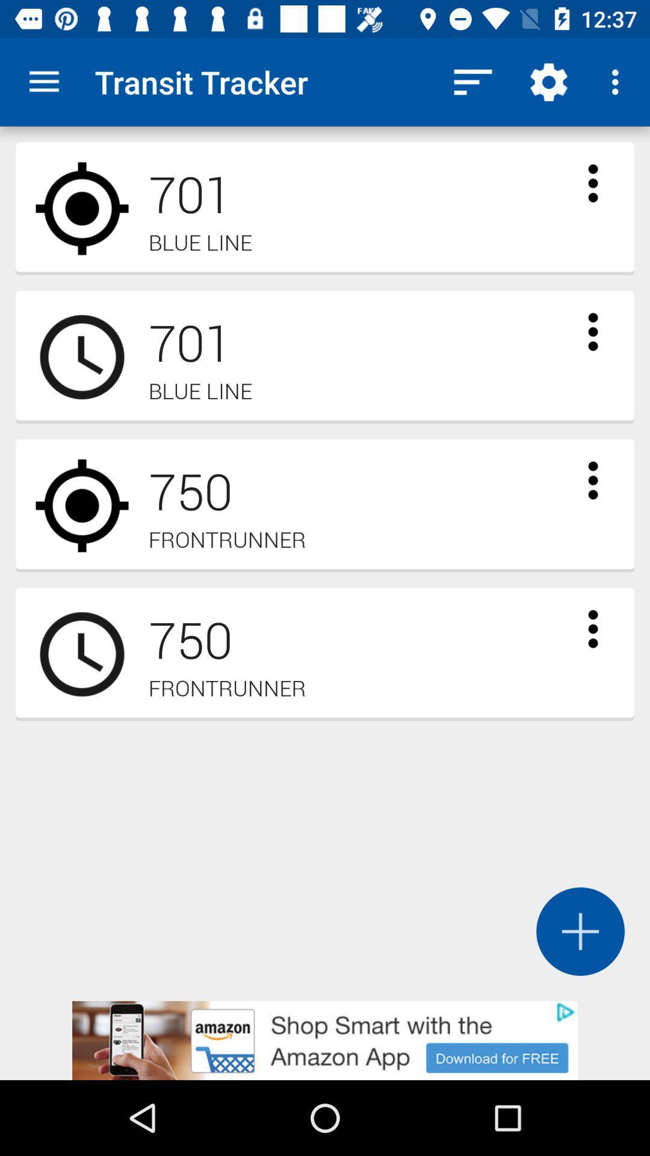 Image resolution: width=650 pixels, height=1156 pixels. Describe the element at coordinates (592, 628) in the screenshot. I see `brings up options` at that location.